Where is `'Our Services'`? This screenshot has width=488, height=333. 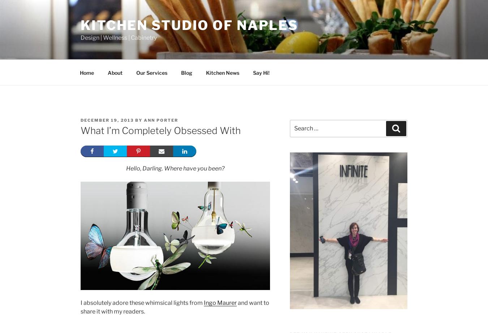 'Our Services' is located at coordinates (151, 72).